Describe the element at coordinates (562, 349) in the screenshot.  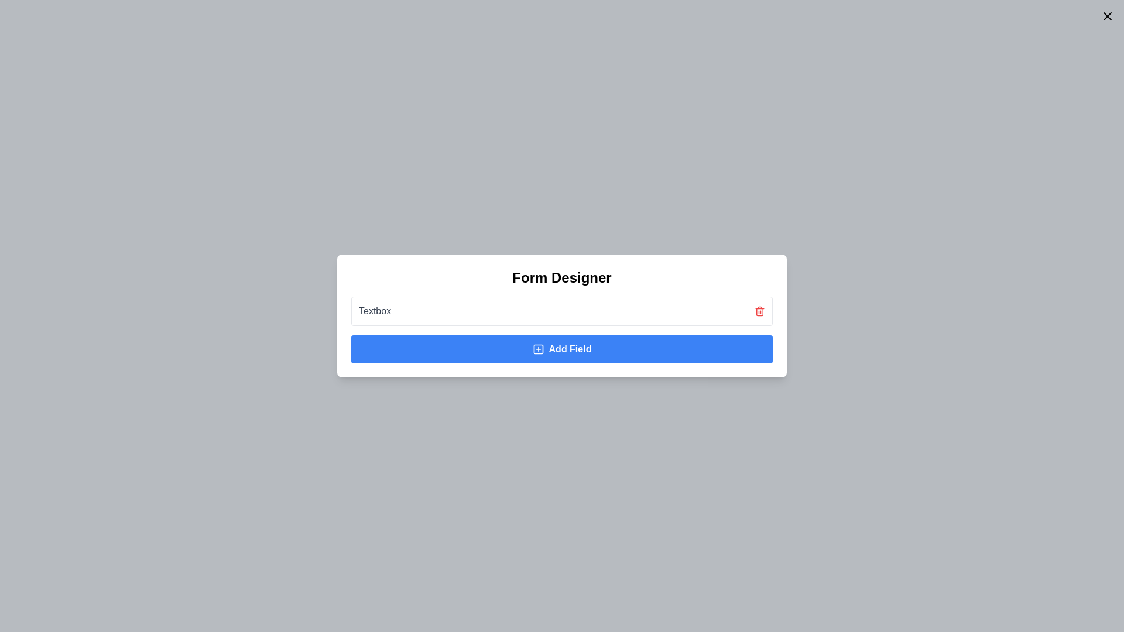
I see `the rectangular button with a blue background labeled 'Add Field'` at that location.